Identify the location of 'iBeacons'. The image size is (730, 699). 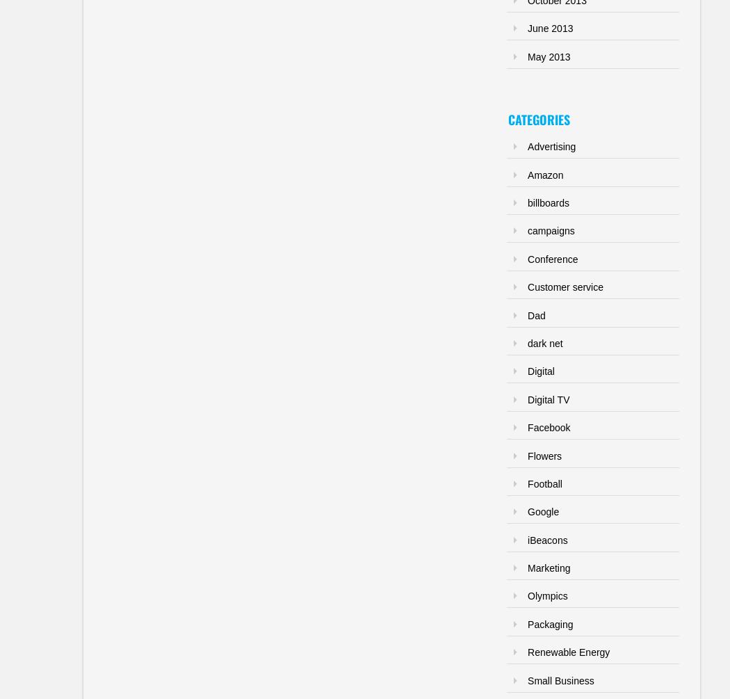
(547, 539).